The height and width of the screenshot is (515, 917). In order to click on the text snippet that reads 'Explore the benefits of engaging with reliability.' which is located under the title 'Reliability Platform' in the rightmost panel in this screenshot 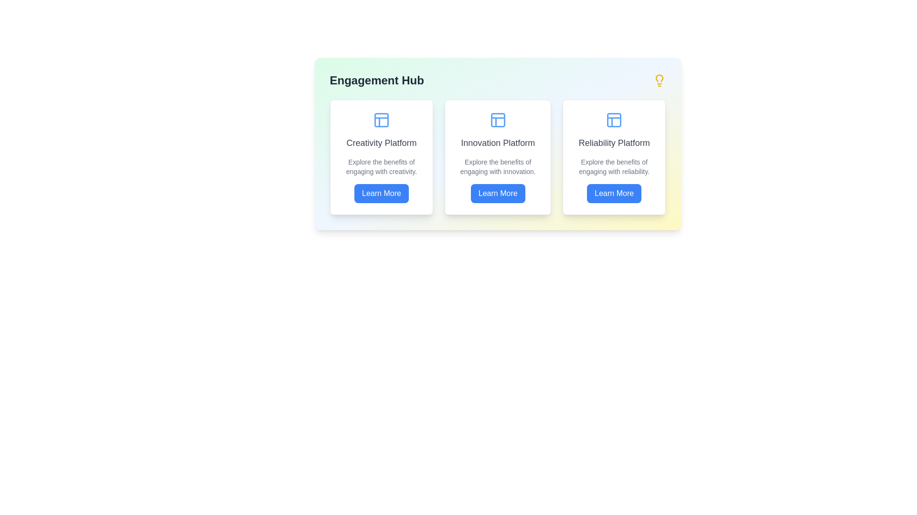, I will do `click(614, 166)`.